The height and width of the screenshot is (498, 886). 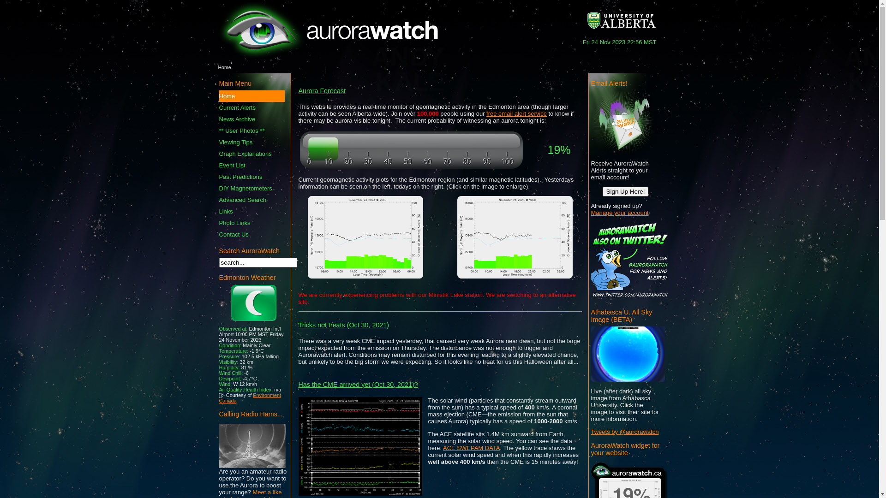 What do you see at coordinates (251, 142) in the screenshot?
I see `'Viewing Tips'` at bounding box center [251, 142].